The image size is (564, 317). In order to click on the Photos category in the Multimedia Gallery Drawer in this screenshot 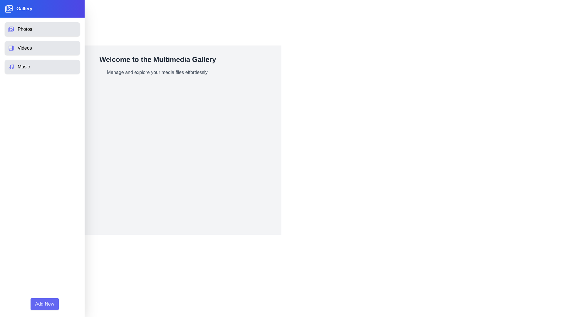, I will do `click(42, 29)`.